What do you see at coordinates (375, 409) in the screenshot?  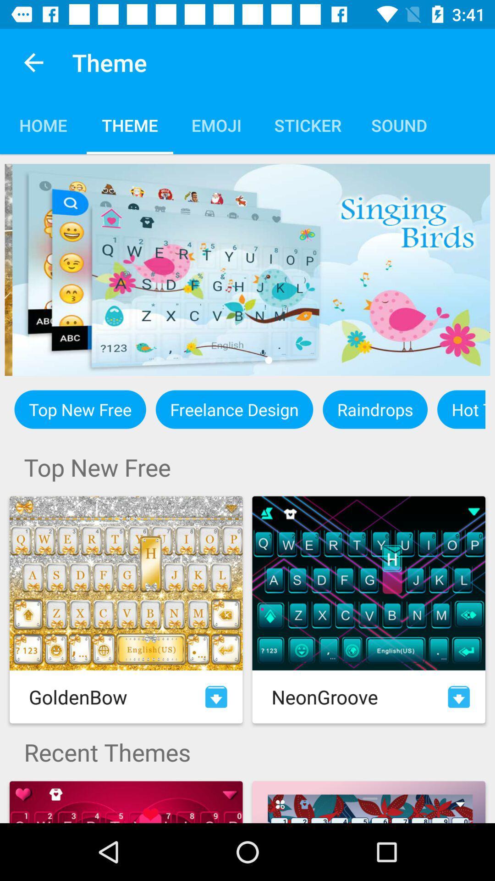 I see `the icon next to hot themes icon` at bounding box center [375, 409].